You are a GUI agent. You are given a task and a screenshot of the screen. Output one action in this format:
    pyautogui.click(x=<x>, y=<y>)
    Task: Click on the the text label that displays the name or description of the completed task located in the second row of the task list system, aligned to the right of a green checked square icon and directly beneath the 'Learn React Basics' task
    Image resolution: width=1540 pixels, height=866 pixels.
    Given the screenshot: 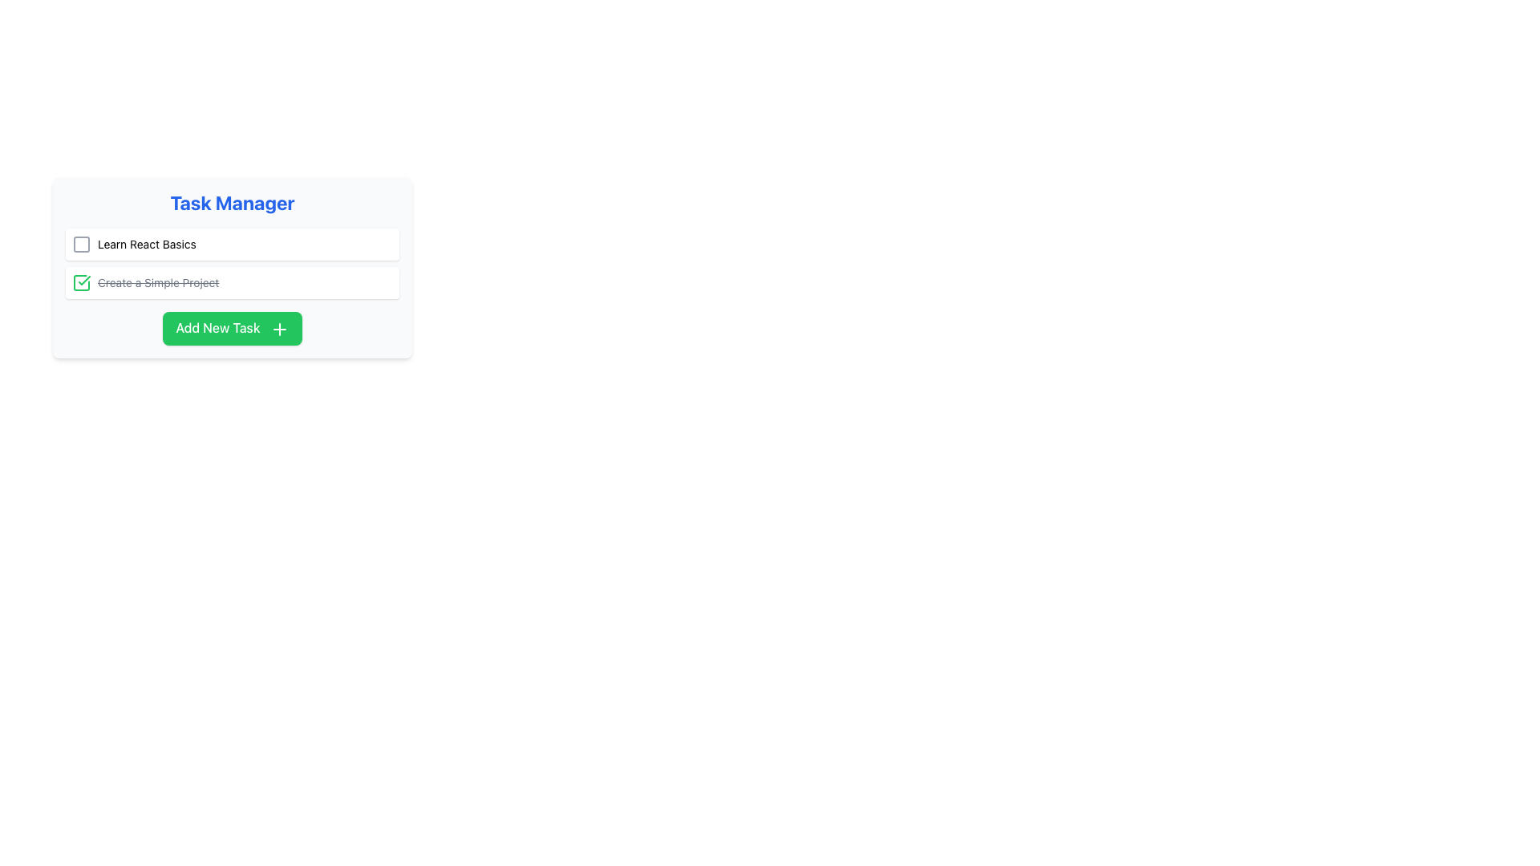 What is the action you would take?
    pyautogui.click(x=158, y=282)
    